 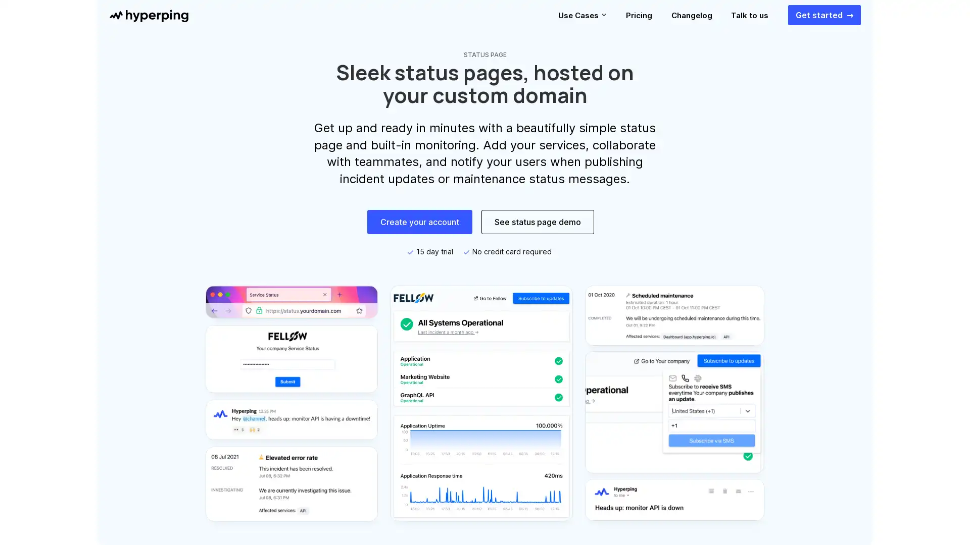 What do you see at coordinates (749, 15) in the screenshot?
I see `Talk to us` at bounding box center [749, 15].